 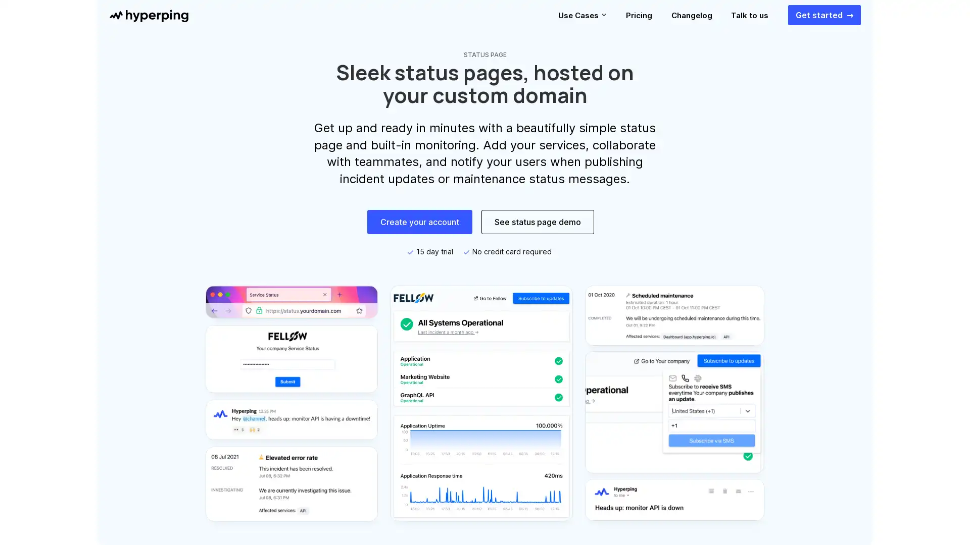 What do you see at coordinates (749, 15) in the screenshot?
I see `Talk to us` at bounding box center [749, 15].